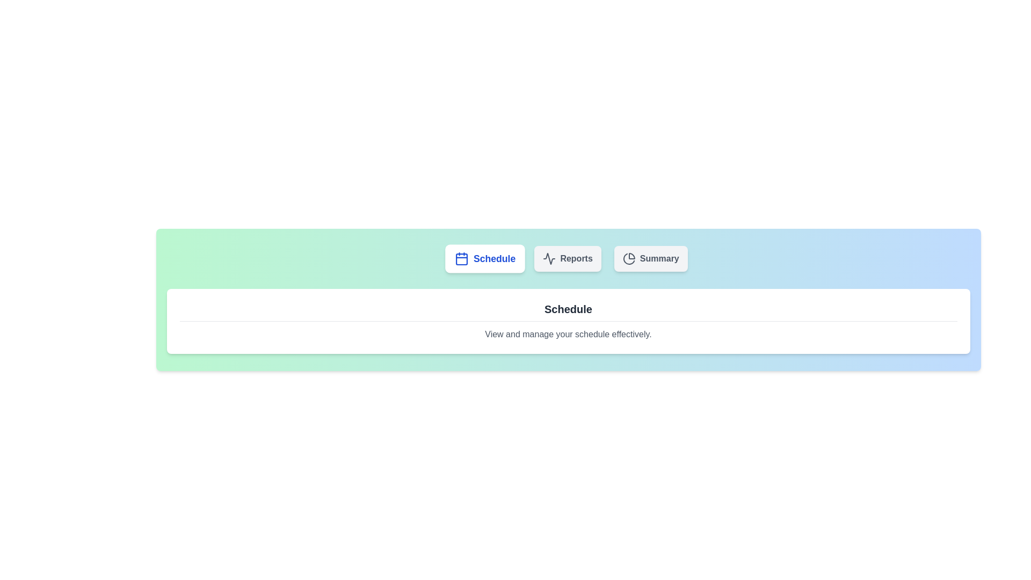 This screenshot has width=1031, height=580. Describe the element at coordinates (650, 259) in the screenshot. I see `the Summary button to switch to the corresponding tab` at that location.